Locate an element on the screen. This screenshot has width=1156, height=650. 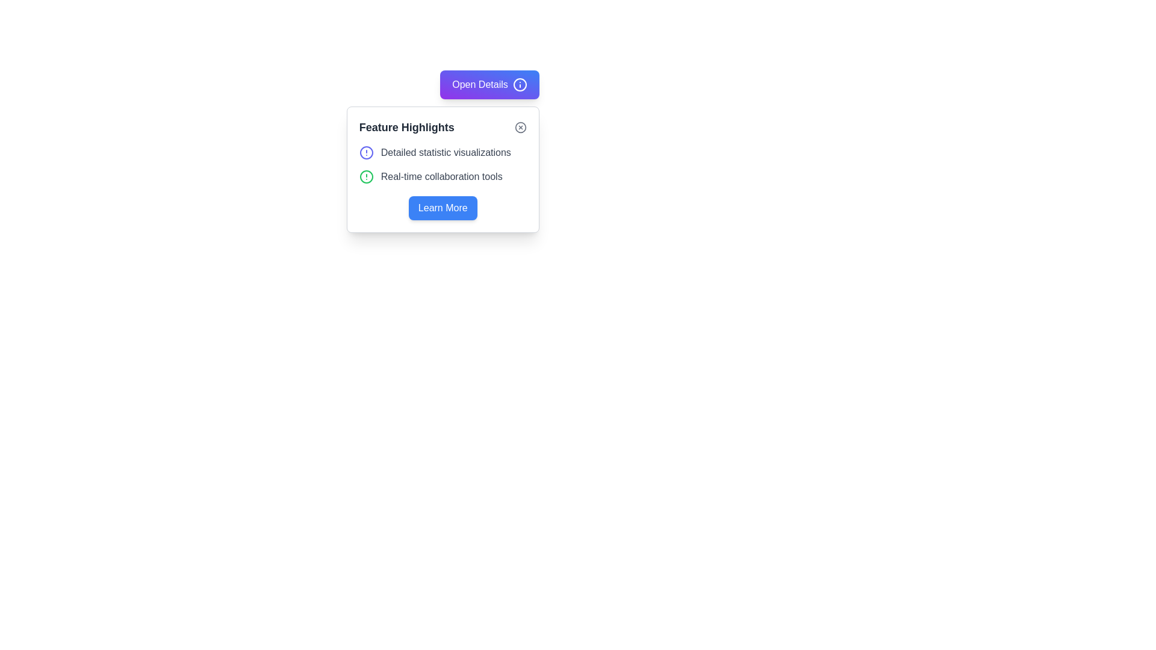
the button located in the lower portion of the white card labeled 'Feature Highlights' is located at coordinates (442, 208).